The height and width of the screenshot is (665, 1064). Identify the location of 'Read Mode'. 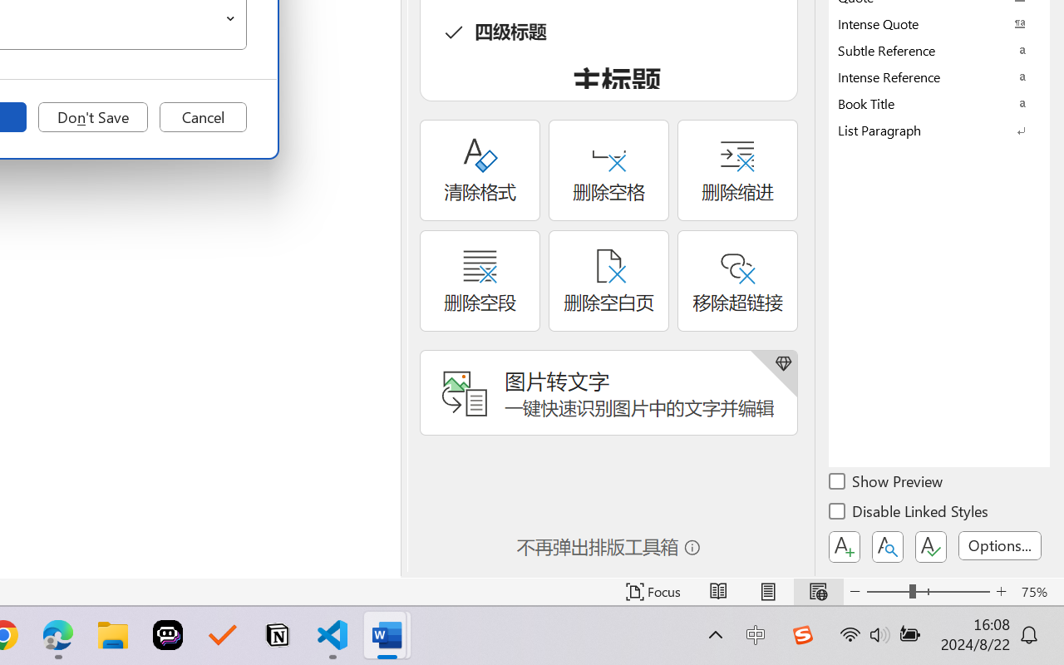
(718, 591).